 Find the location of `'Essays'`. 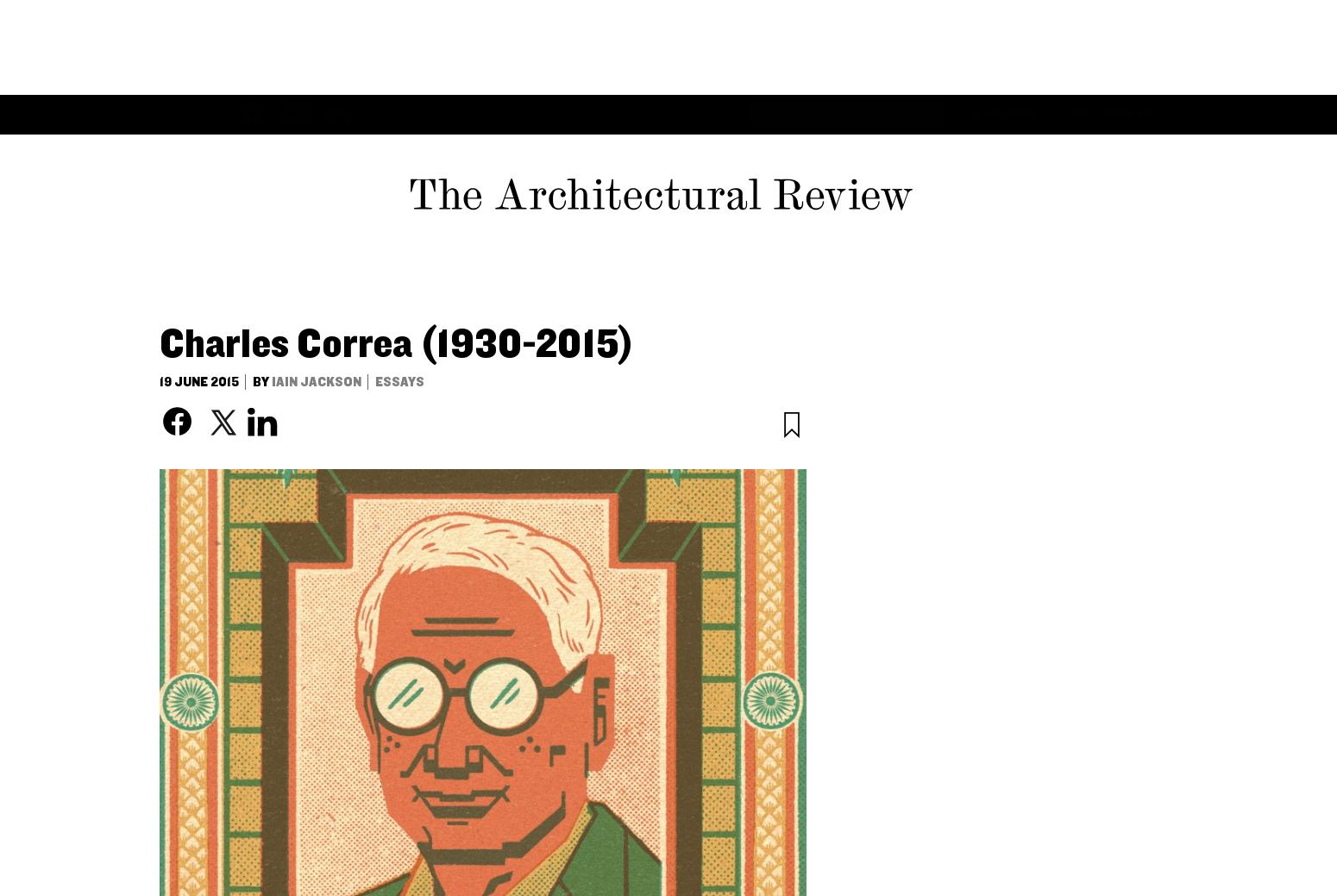

'Essays' is located at coordinates (252, 18).